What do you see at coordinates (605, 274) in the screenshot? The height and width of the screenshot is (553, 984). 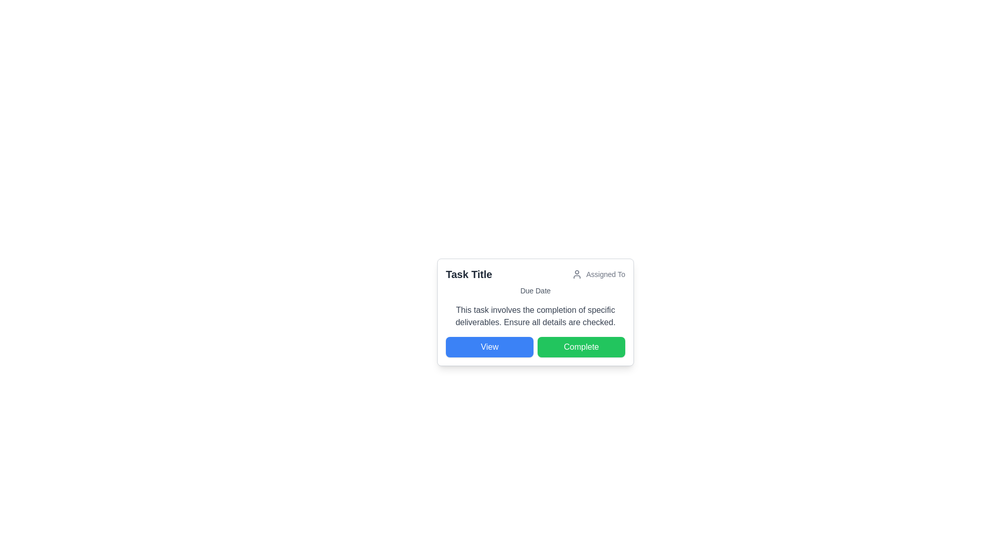 I see `the 'Assigned To' text label, which is styled in small gray font and located in the upper-right section of the task information card, next to a user icon` at bounding box center [605, 274].